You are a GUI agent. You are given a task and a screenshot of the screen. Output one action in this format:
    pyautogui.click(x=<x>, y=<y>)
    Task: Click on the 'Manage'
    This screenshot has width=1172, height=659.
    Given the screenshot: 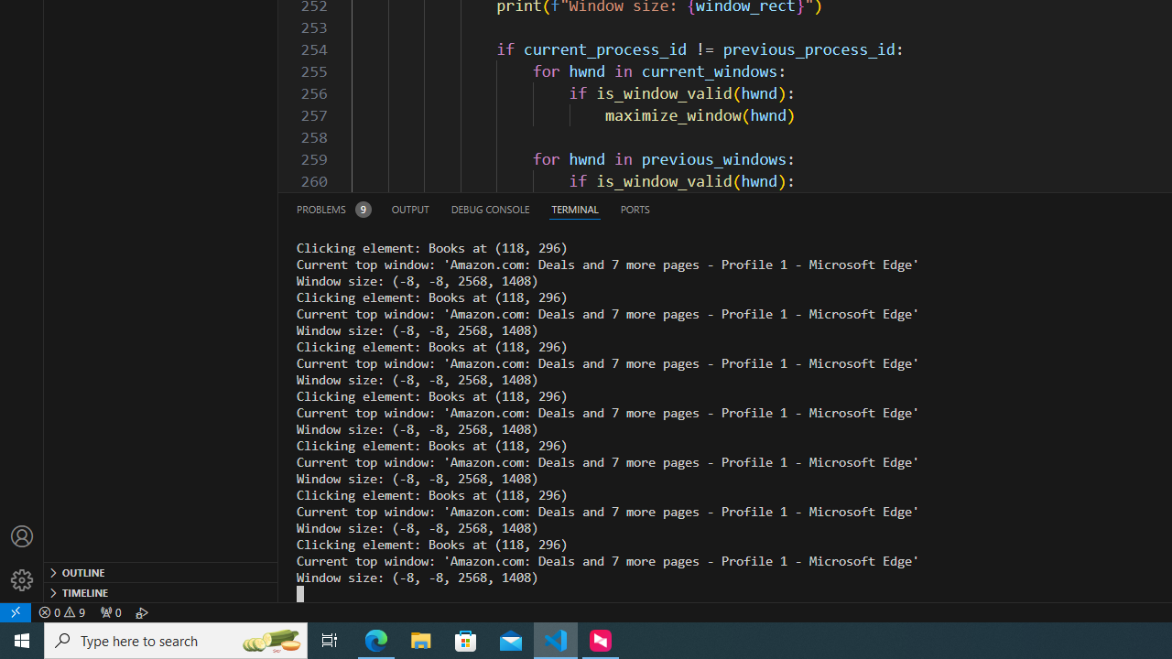 What is the action you would take?
    pyautogui.click(x=22, y=579)
    